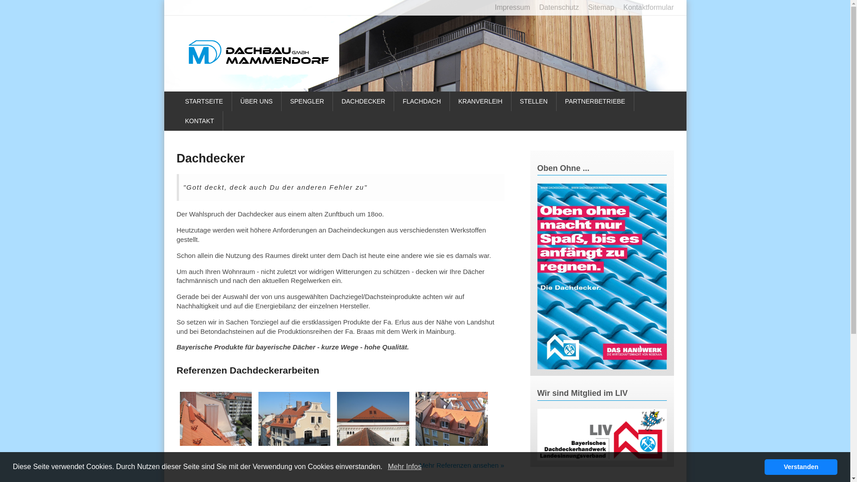  Describe the element at coordinates (764, 466) in the screenshot. I see `'Verstanden'` at that location.